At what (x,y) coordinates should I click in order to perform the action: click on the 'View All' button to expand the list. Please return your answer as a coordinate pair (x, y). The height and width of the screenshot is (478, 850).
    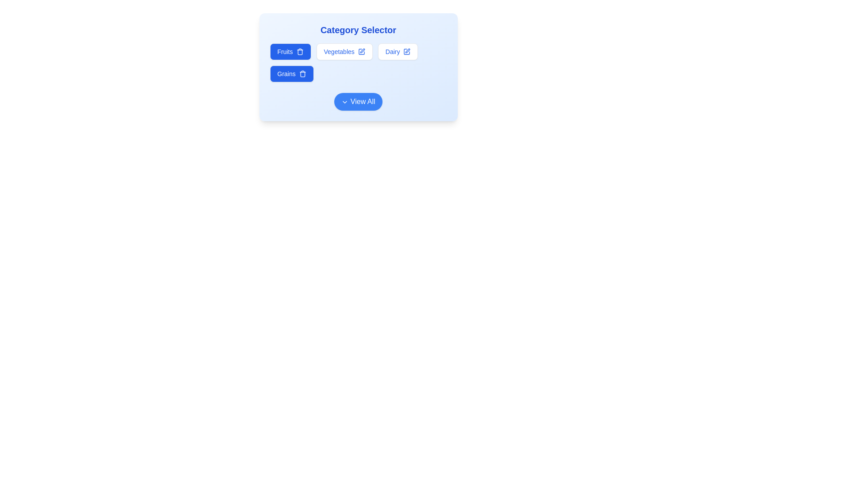
    Looking at the image, I should click on (358, 101).